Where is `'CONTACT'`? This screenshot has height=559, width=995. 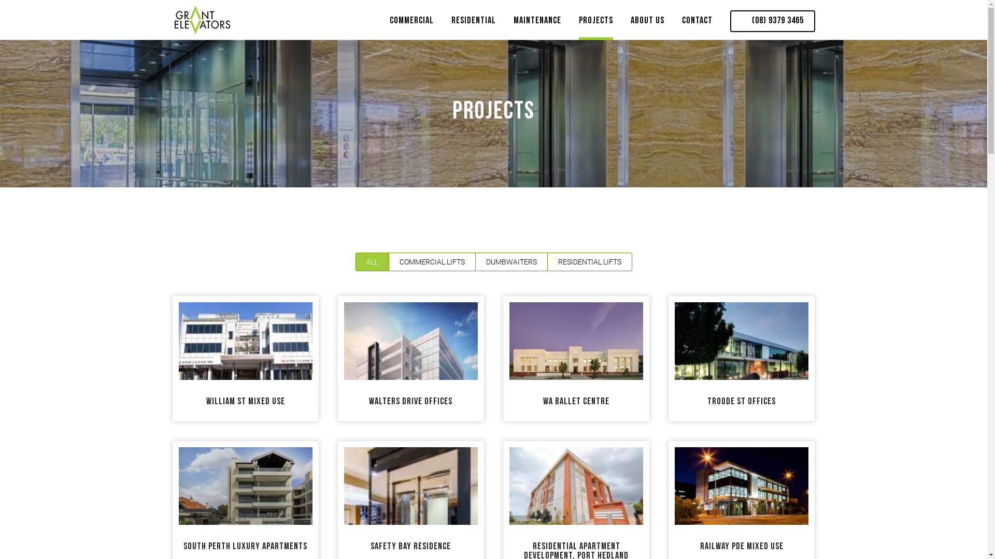
'CONTACT' is located at coordinates (681, 23).